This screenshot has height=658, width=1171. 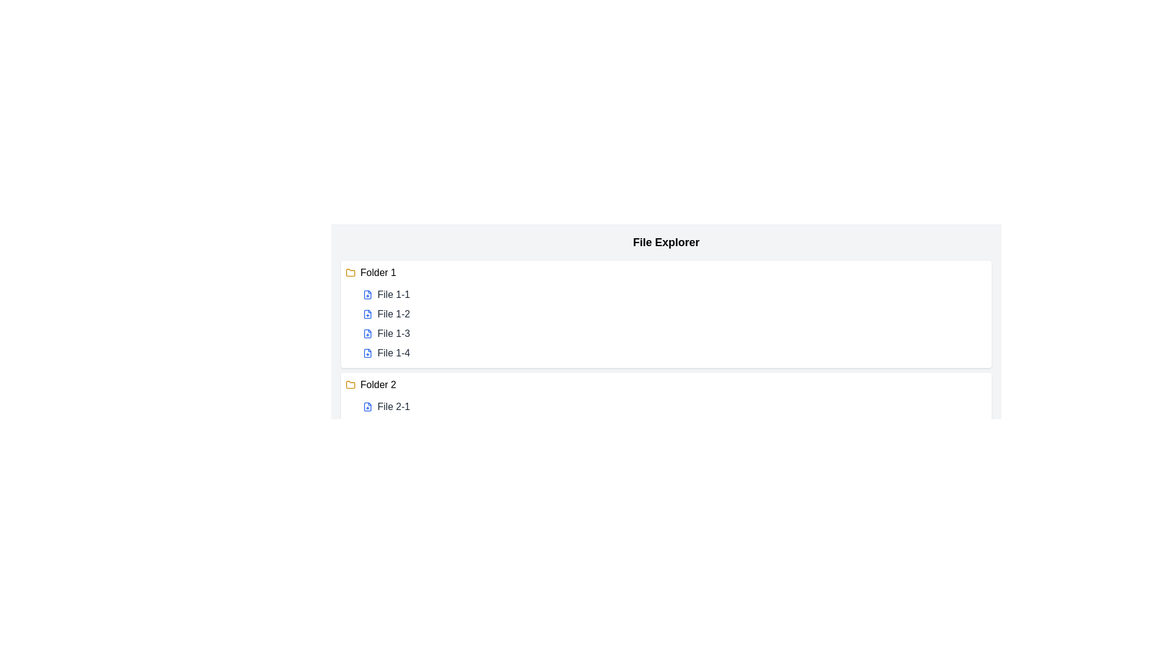 What do you see at coordinates (350, 385) in the screenshot?
I see `the small yellow folder icon with rounded corners at the beginning of the row labeled 'Folder 2'` at bounding box center [350, 385].